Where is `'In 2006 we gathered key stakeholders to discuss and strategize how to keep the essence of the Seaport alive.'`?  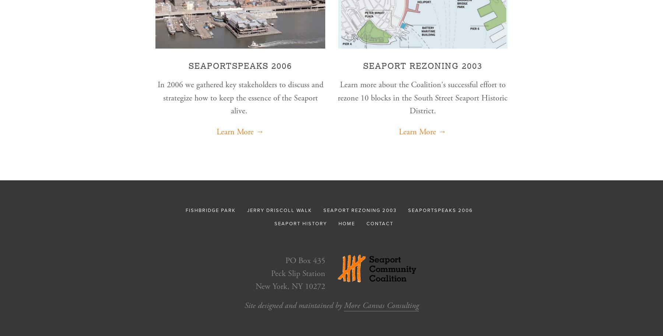 'In 2006 we gathered key stakeholders to discuss and strategize how to keep the essence of the Seaport alive.' is located at coordinates (240, 98).